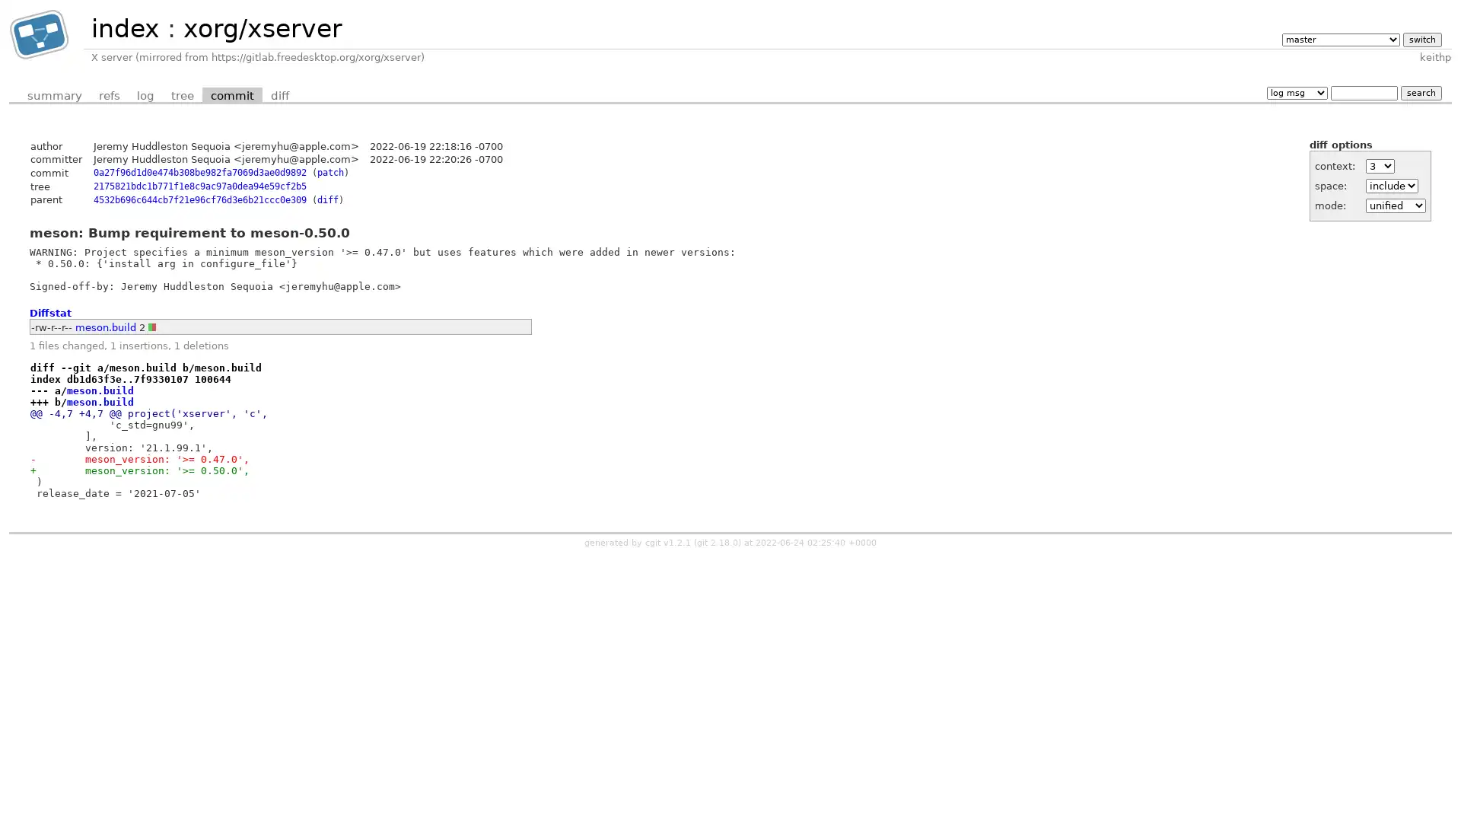 The height and width of the screenshot is (822, 1461). I want to click on search, so click(1420, 92).